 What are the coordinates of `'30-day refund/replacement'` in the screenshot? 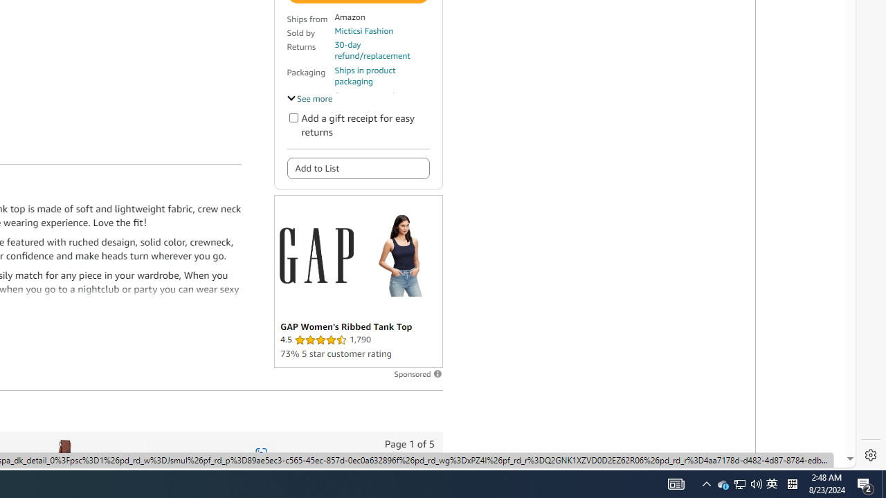 It's located at (381, 50).